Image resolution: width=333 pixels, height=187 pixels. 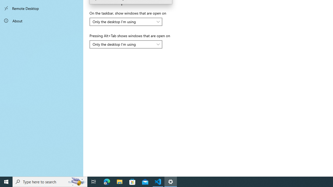 What do you see at coordinates (158, 181) in the screenshot?
I see `'Visual Studio Code - 1 running window'` at bounding box center [158, 181].